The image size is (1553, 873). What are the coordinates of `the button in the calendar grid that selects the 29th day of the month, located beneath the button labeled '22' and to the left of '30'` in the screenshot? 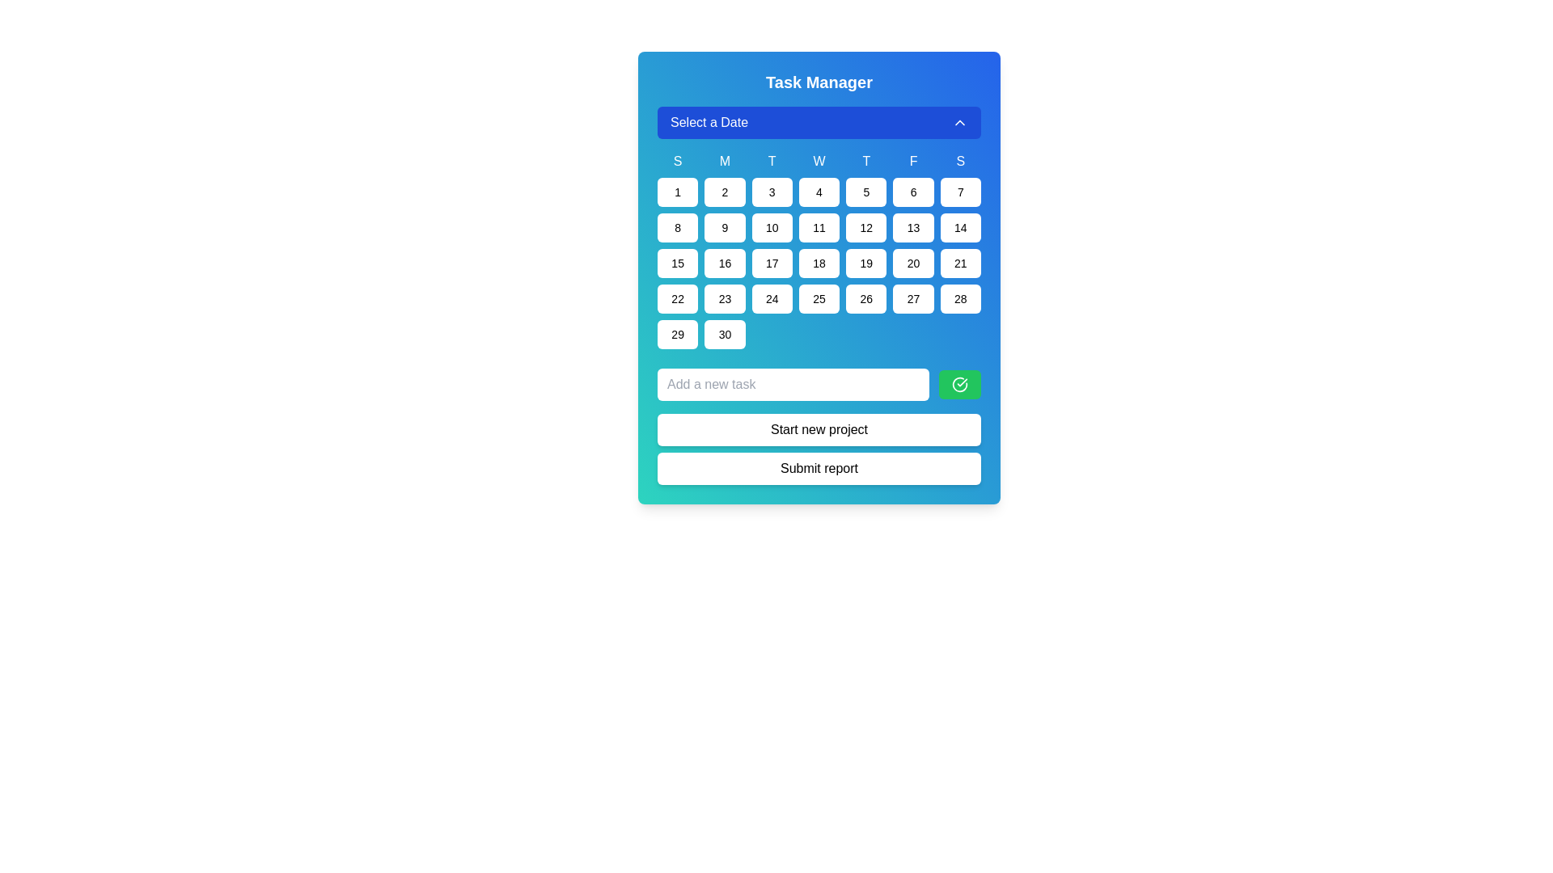 It's located at (678, 333).